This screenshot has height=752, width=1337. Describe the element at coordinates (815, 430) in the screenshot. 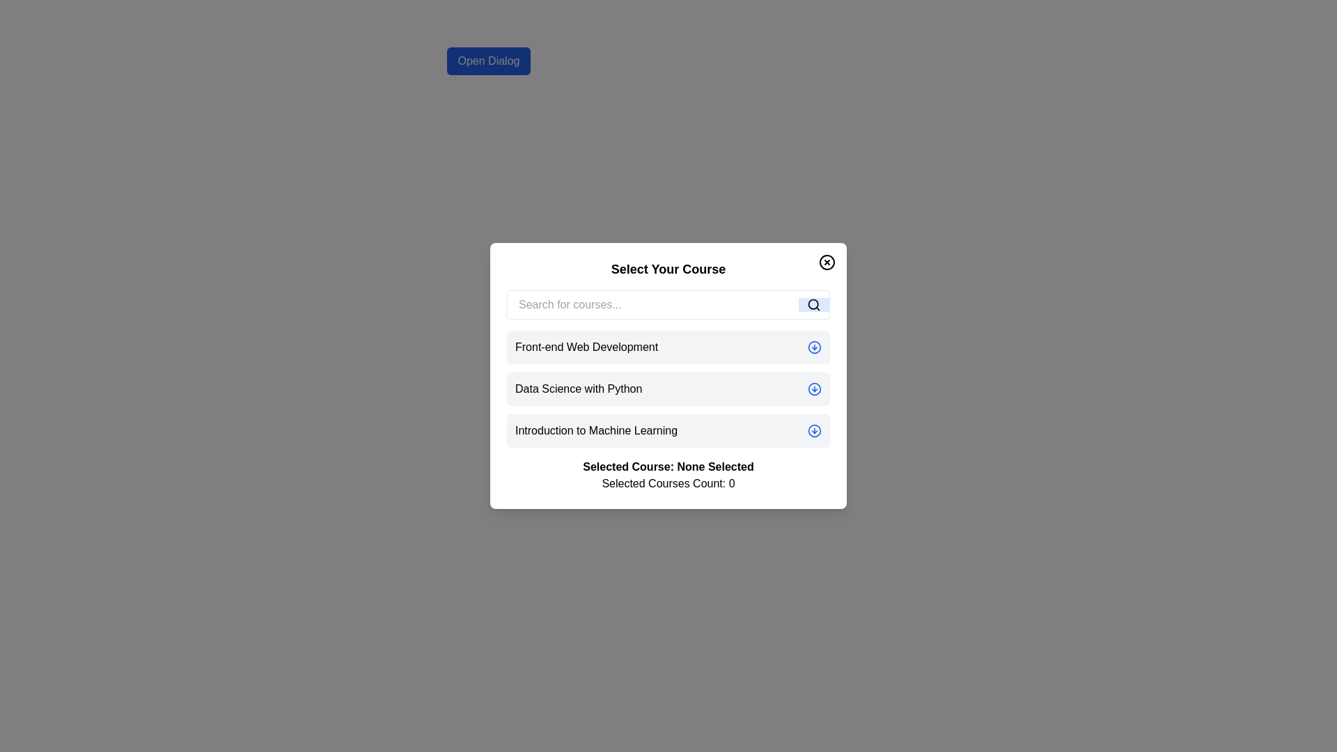

I see `the stylized button with a downward-pointing arrow icon circled within a blue ring, located at the bottom-right corner of the dialog box listing courses` at that location.